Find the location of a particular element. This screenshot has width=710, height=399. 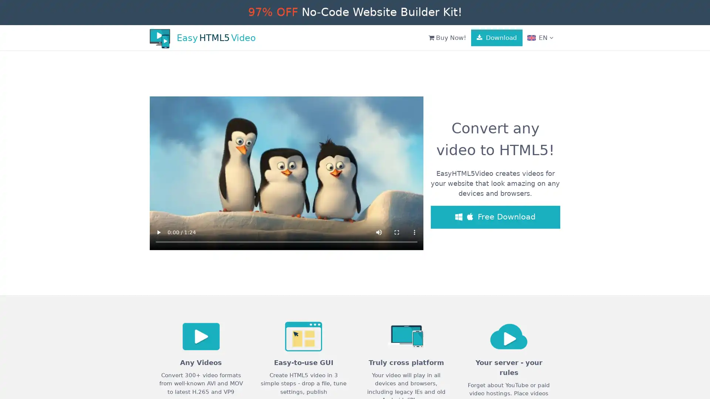

play is located at coordinates (158, 232).